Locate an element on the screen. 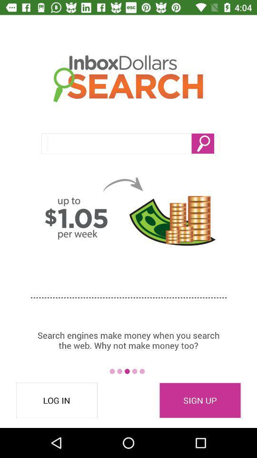 This screenshot has width=257, height=458. the item next to sign up icon is located at coordinates (57, 400).